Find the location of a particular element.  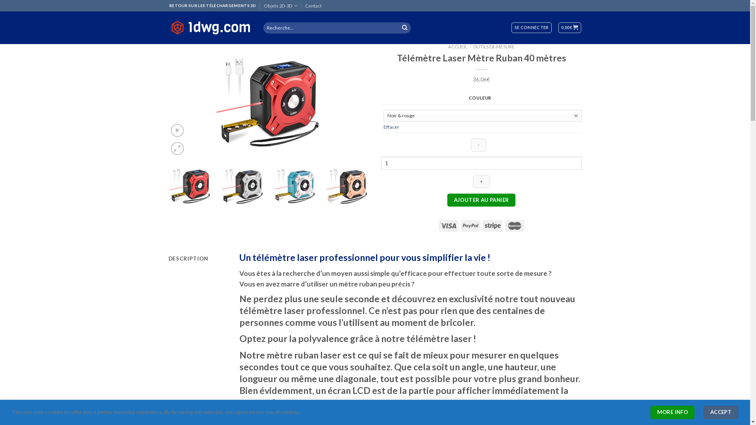

'ACCUEIL' is located at coordinates (458, 46).